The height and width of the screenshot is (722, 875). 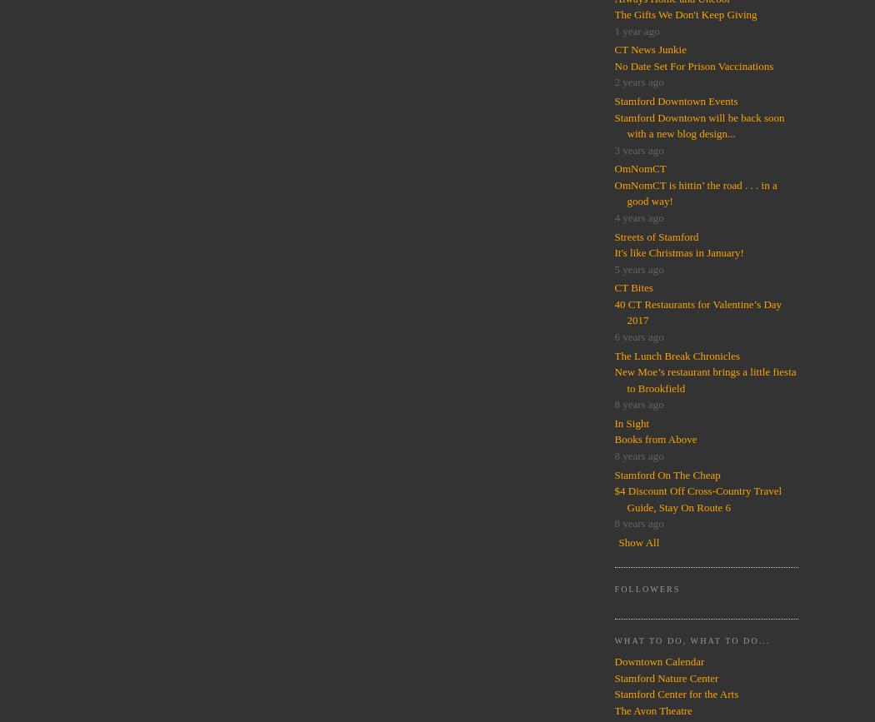 I want to click on '2 years ago', so click(x=638, y=82).